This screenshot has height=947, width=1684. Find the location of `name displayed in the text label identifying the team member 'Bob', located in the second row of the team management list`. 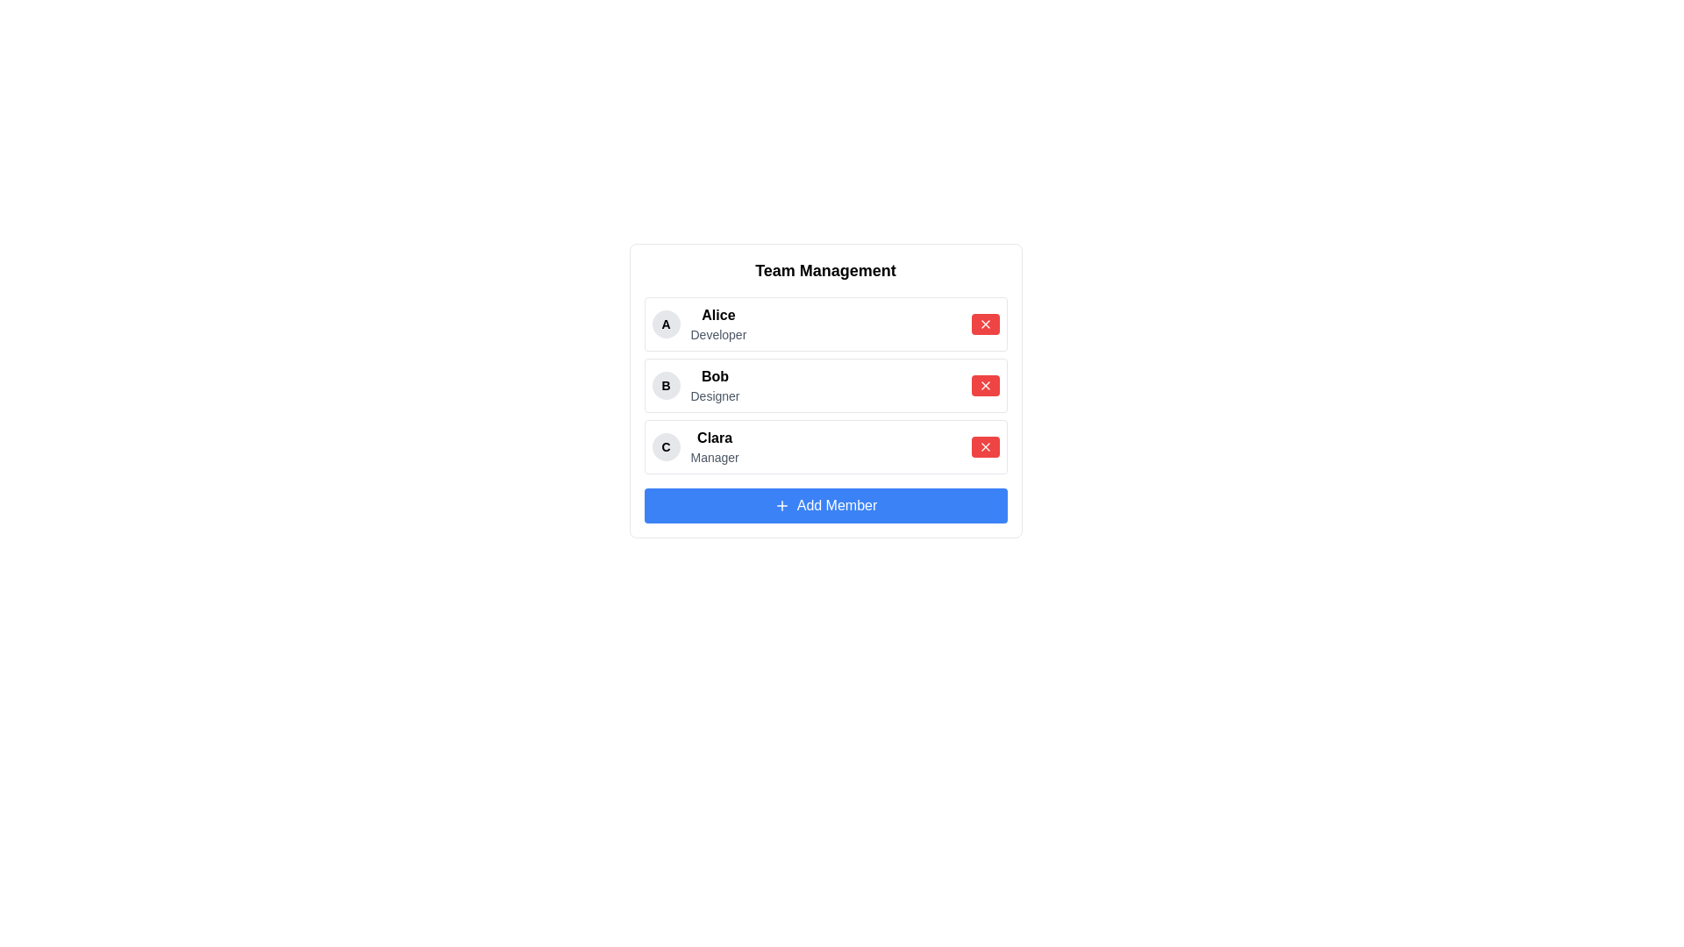

name displayed in the text label identifying the team member 'Bob', located in the second row of the team management list is located at coordinates (715, 375).